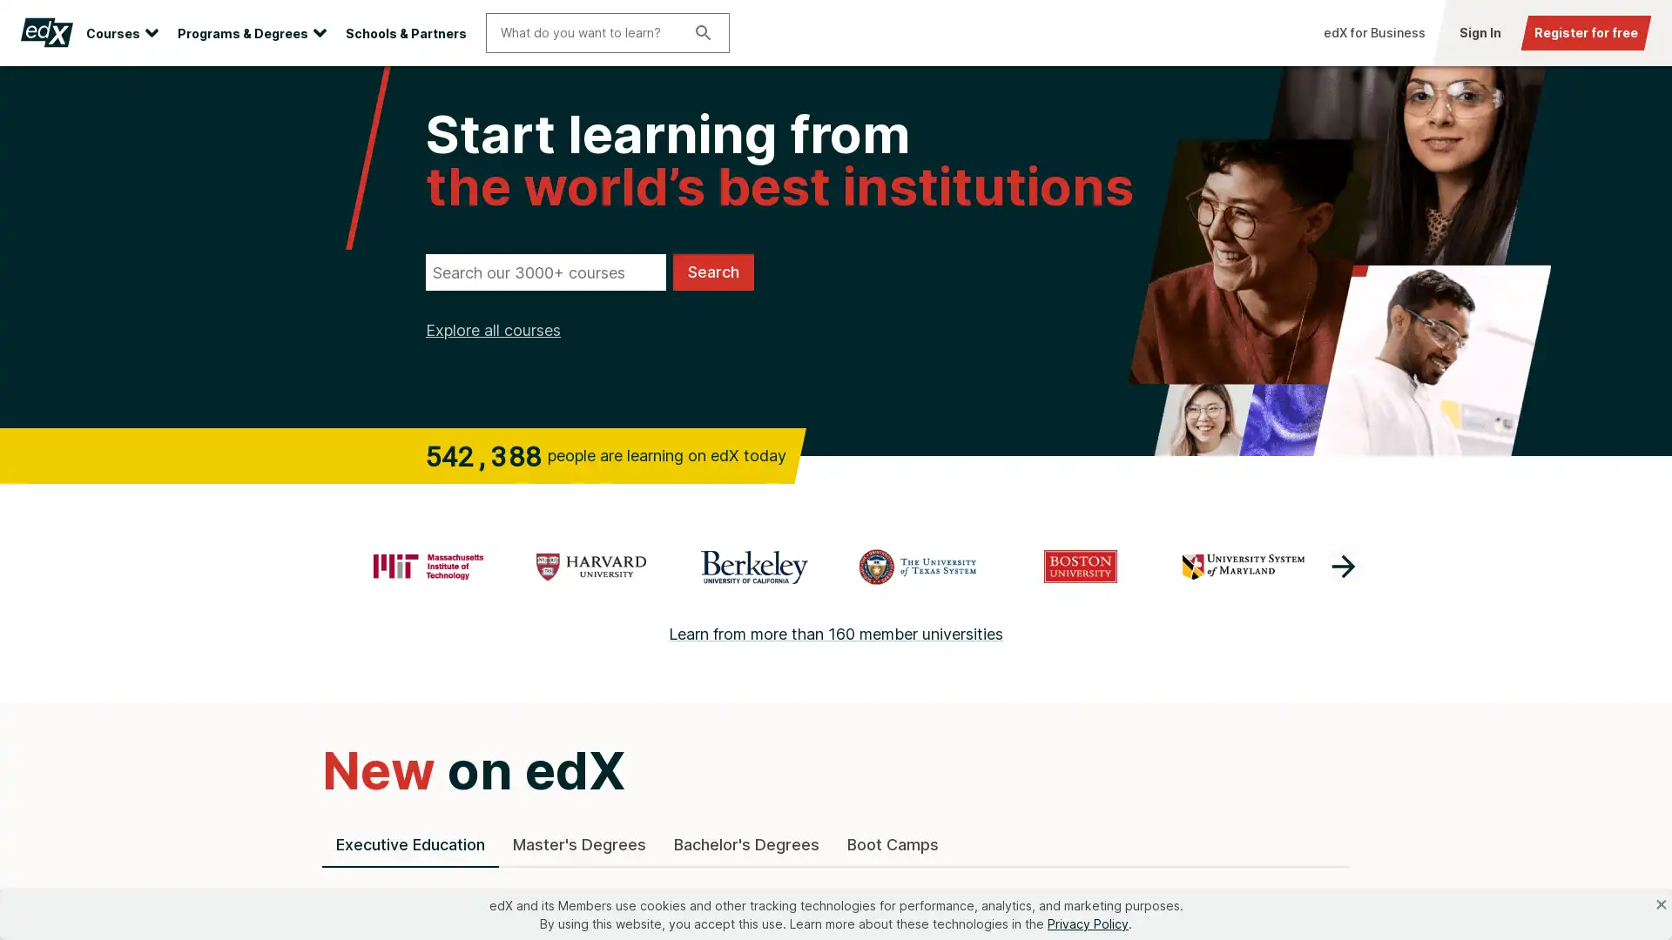 This screenshot has width=1672, height=940. Describe the element at coordinates (1651, 80) in the screenshot. I see `Close site banner.` at that location.